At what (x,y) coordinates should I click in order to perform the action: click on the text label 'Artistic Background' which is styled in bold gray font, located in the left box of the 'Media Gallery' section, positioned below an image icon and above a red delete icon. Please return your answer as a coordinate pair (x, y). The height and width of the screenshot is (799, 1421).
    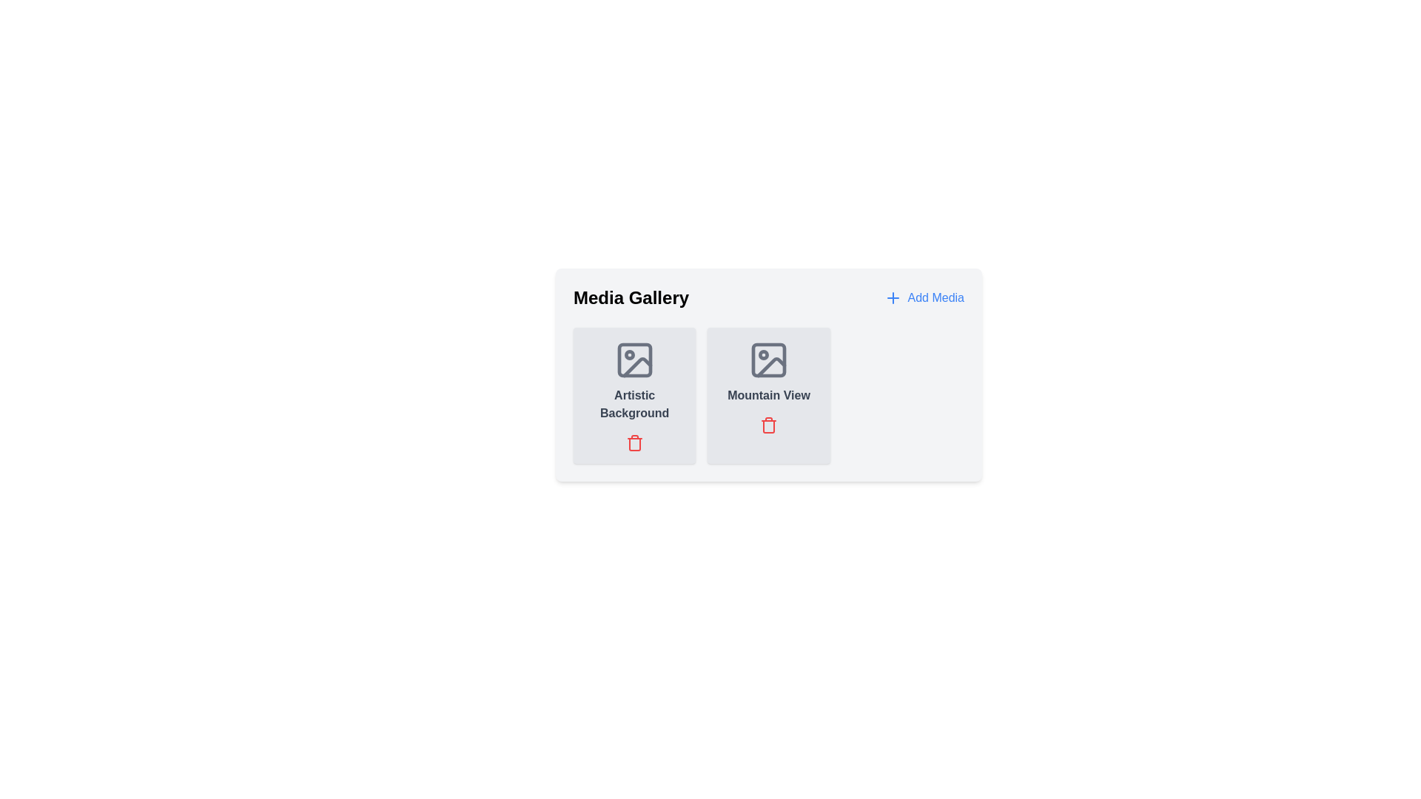
    Looking at the image, I should click on (634, 405).